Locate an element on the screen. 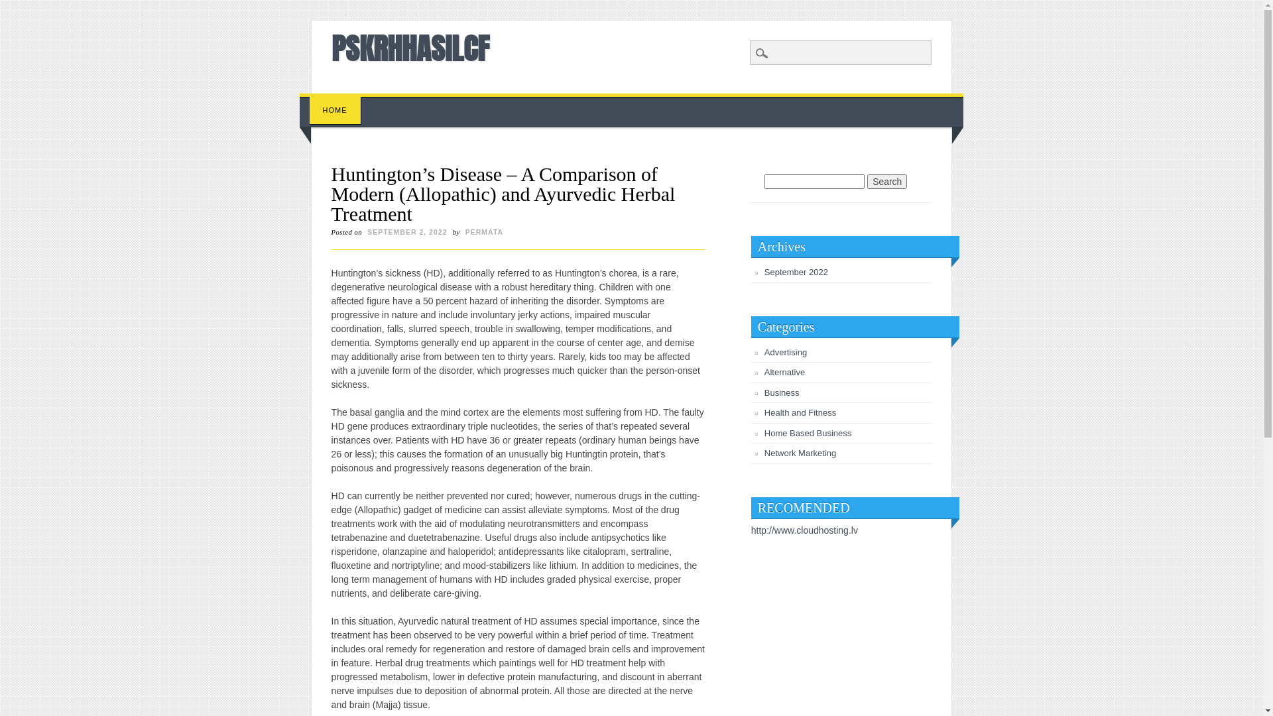  'Home Based Business' is located at coordinates (808, 433).